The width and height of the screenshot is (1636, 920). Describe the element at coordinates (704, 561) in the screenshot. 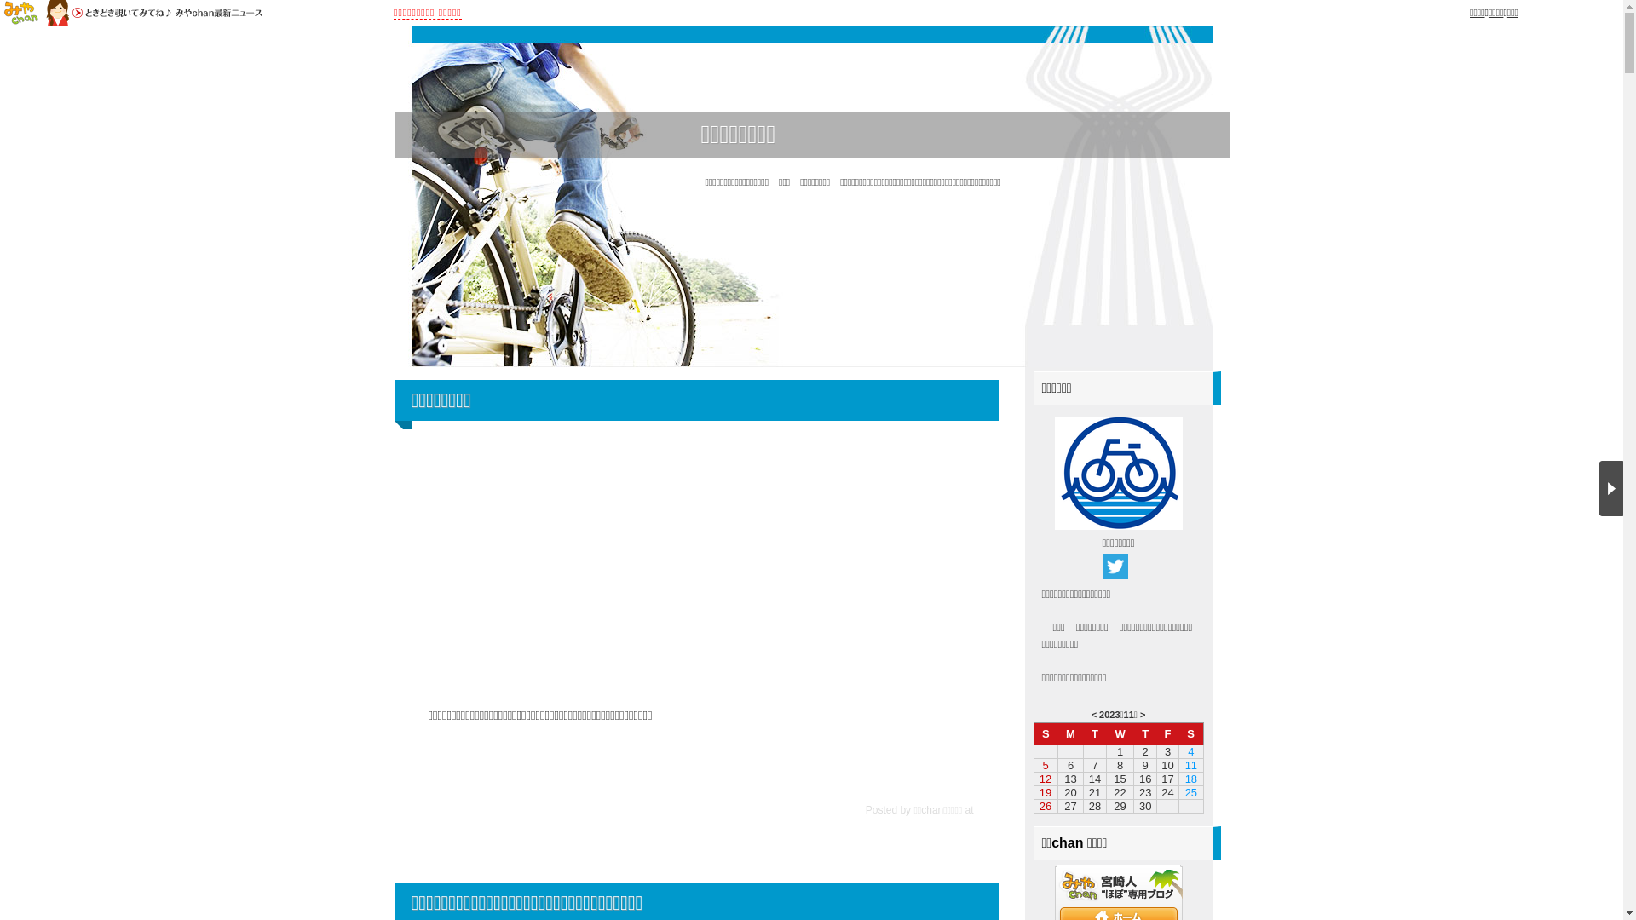

I see `'Advertisement'` at that location.